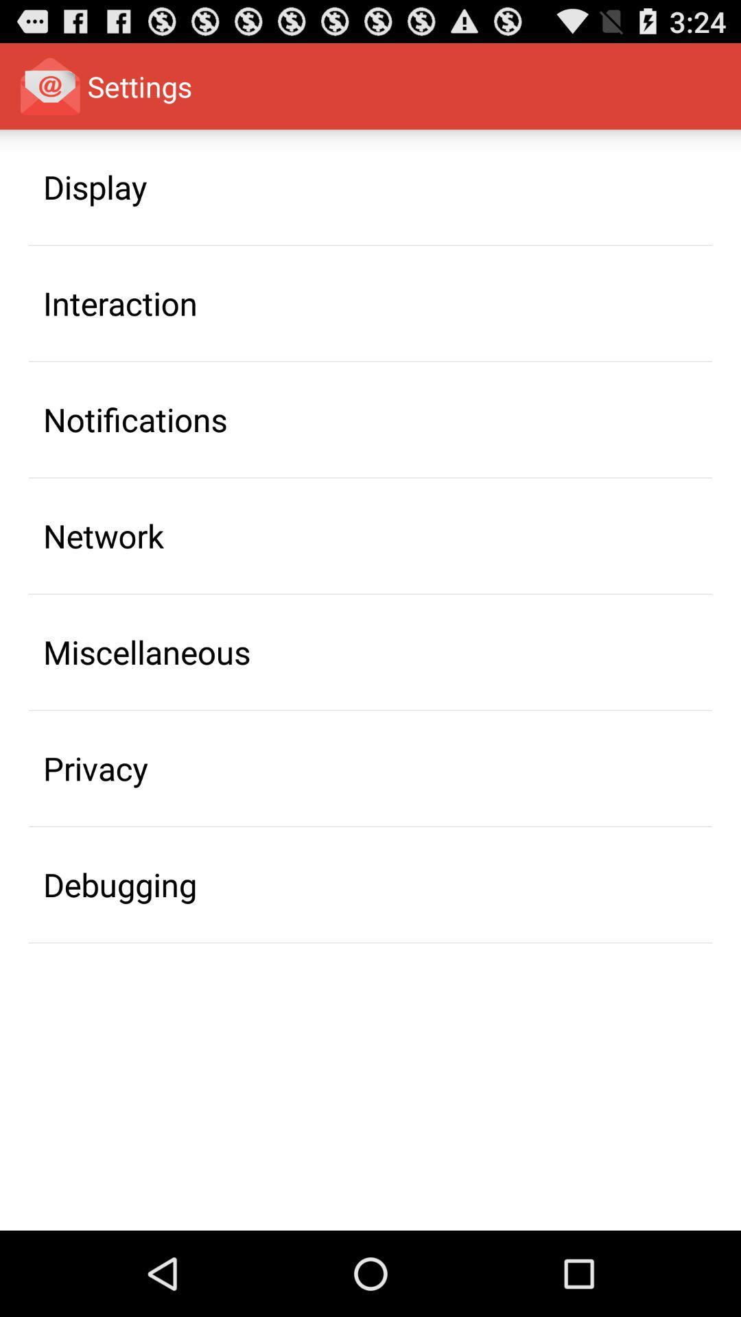 Image resolution: width=741 pixels, height=1317 pixels. I want to click on the network icon, so click(103, 535).